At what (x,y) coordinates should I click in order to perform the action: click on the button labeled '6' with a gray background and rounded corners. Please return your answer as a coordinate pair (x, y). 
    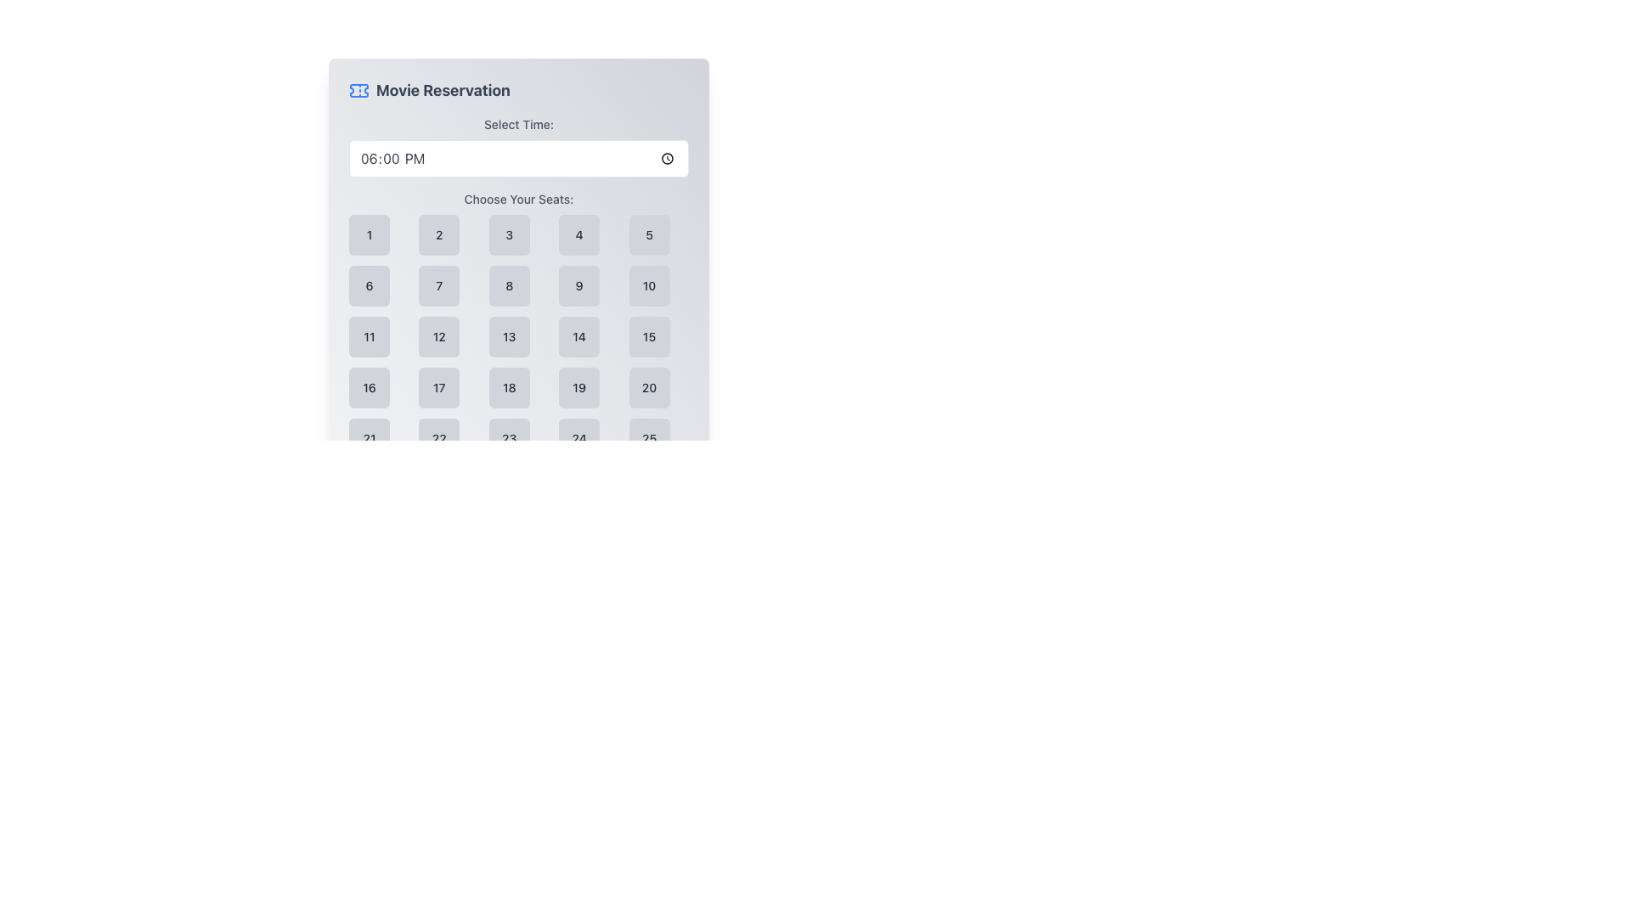
    Looking at the image, I should click on (369, 284).